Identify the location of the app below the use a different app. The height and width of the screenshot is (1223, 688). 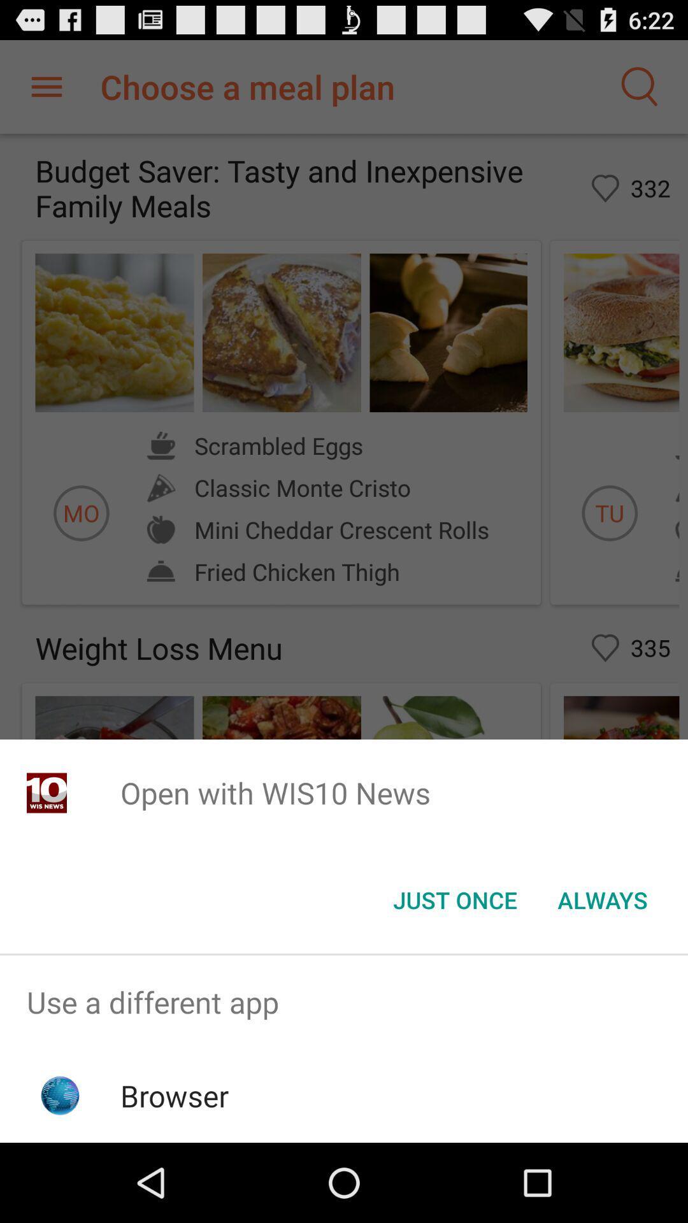
(175, 1095).